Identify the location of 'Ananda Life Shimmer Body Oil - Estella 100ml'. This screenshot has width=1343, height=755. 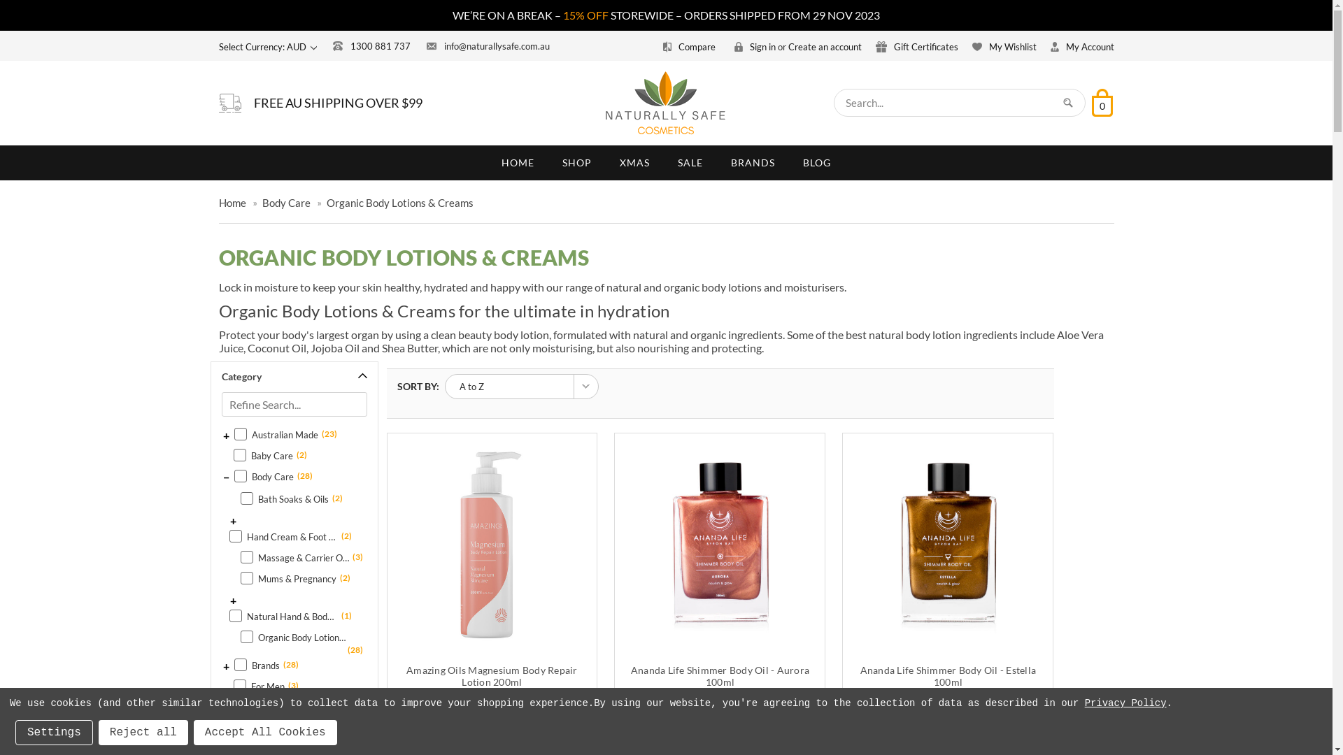
(947, 675).